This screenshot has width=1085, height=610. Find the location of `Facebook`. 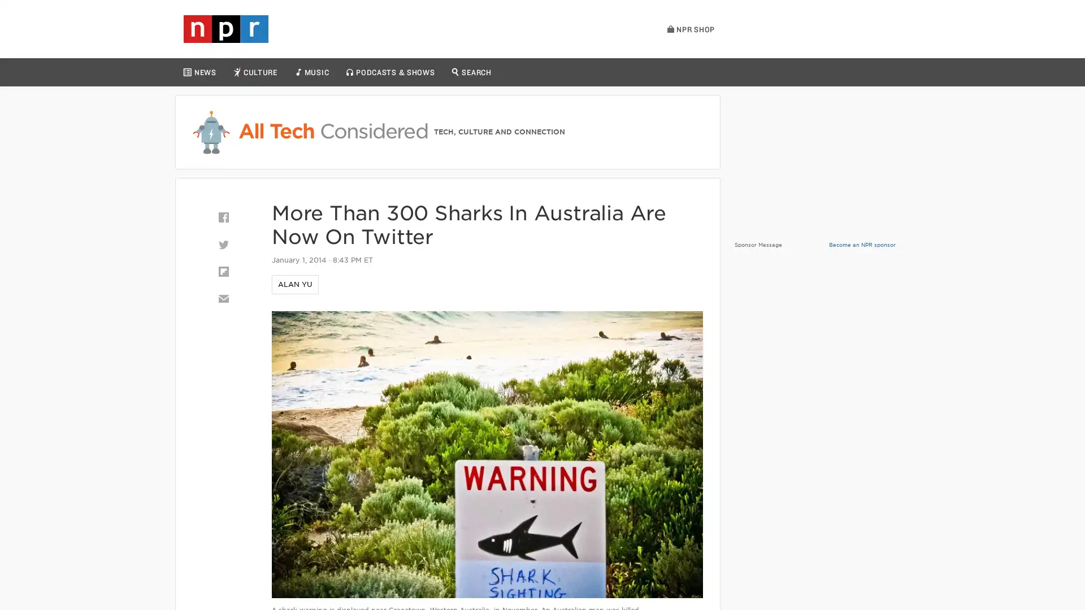

Facebook is located at coordinates (223, 217).